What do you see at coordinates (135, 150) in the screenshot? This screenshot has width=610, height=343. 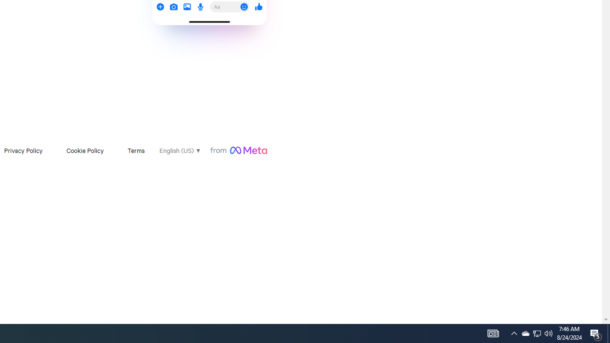 I see `'Terms'` at bounding box center [135, 150].